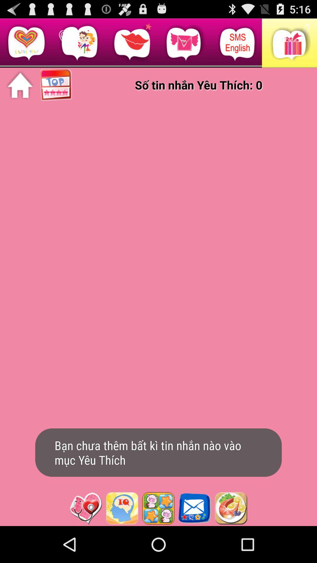 The image size is (317, 563). Describe the element at coordinates (86, 508) in the screenshot. I see `icon button` at that location.